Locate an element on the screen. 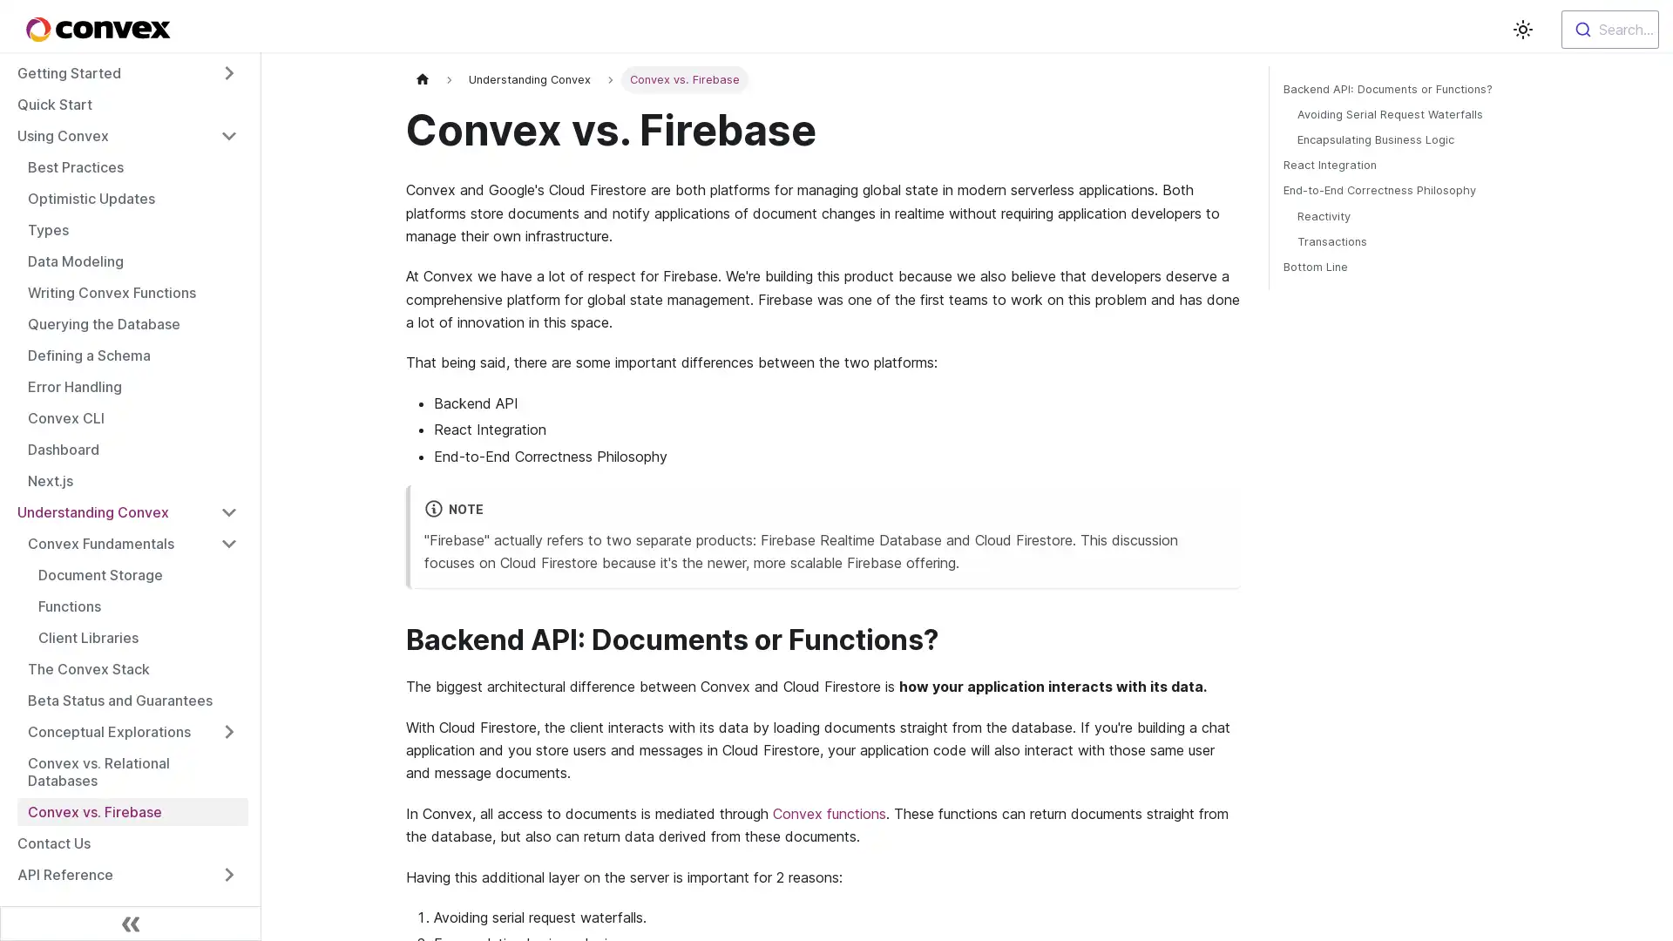 This screenshot has height=941, width=1673. Toggle the collapsible sidebar category 'Getting Started' is located at coordinates (228, 72).